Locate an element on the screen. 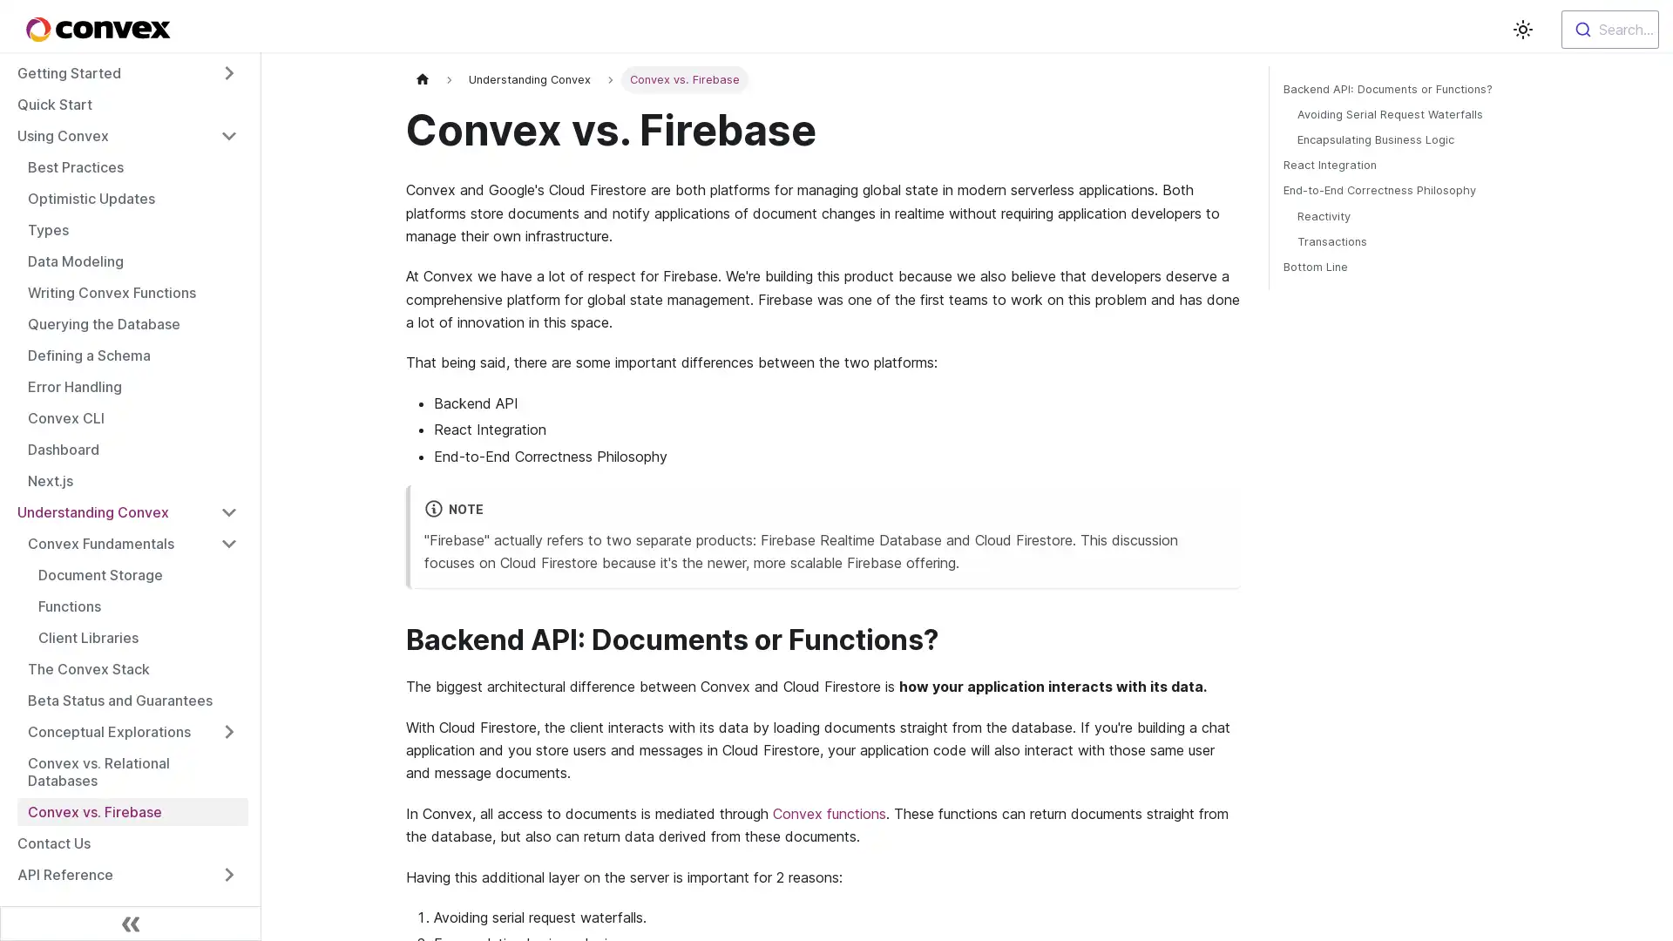 This screenshot has height=941, width=1673. Toggle the collapsible sidebar category 'Getting Started' is located at coordinates (228, 72).